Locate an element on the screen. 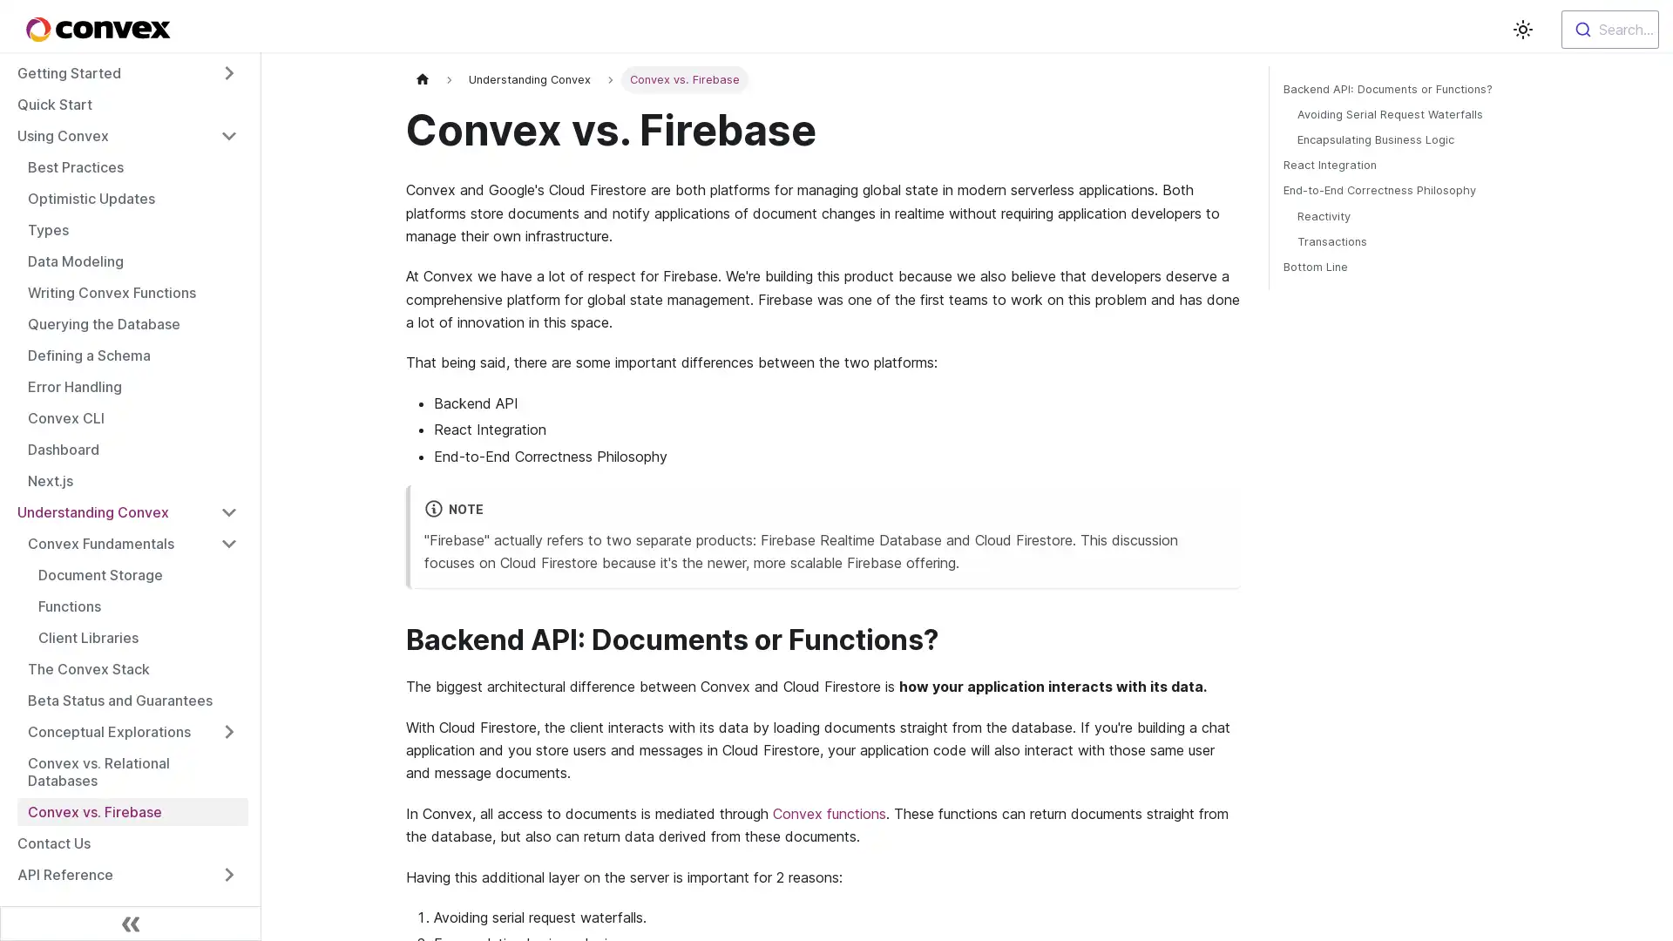 This screenshot has height=941, width=1673. Toggle the collapsible sidebar category 'Getting Started' is located at coordinates (228, 72).